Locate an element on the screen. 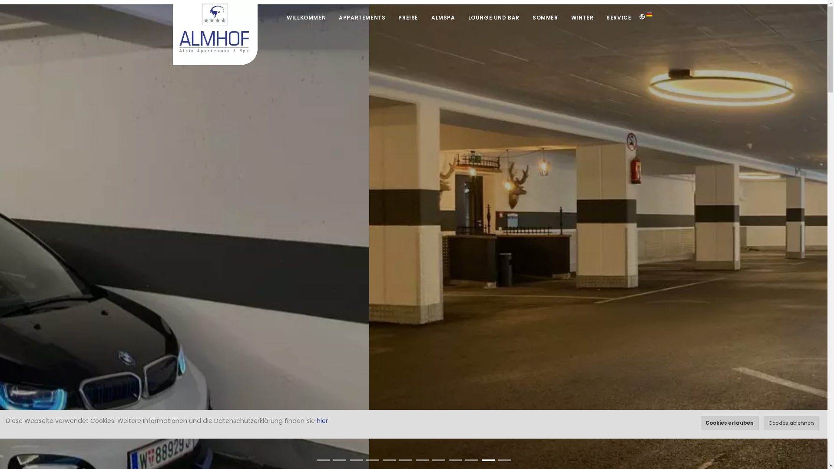 The image size is (834, 469). 'APPARTEMENTS' is located at coordinates (362, 17).